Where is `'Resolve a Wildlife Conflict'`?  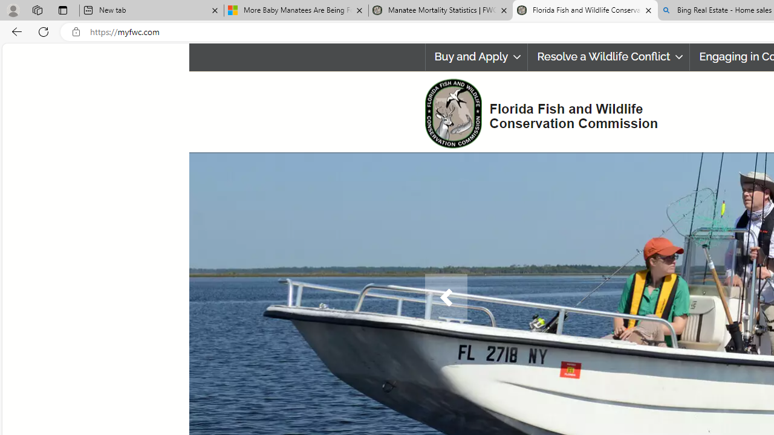 'Resolve a Wildlife Conflict' is located at coordinates (608, 57).